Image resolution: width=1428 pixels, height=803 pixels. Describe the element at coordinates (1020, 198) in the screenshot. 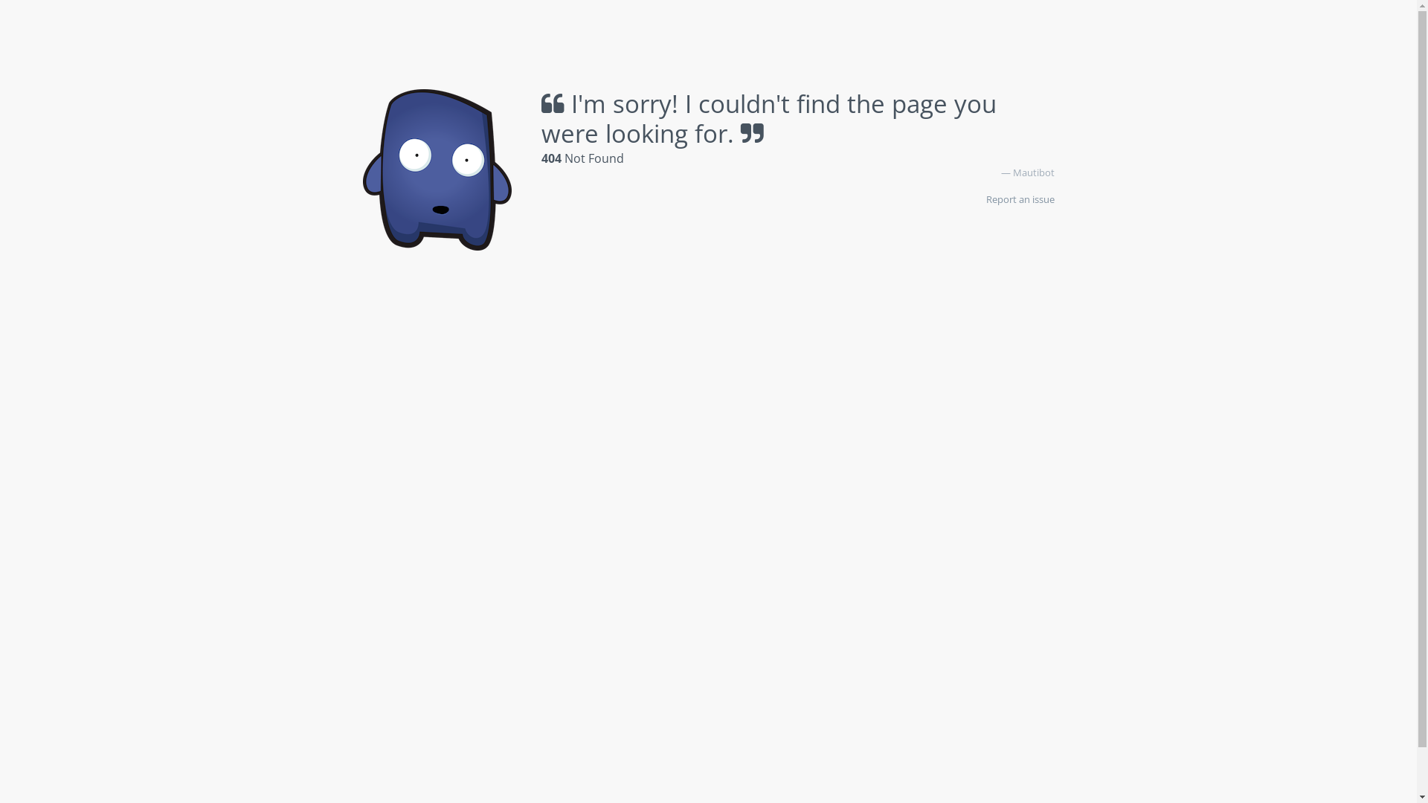

I see `'Report an issue'` at that location.